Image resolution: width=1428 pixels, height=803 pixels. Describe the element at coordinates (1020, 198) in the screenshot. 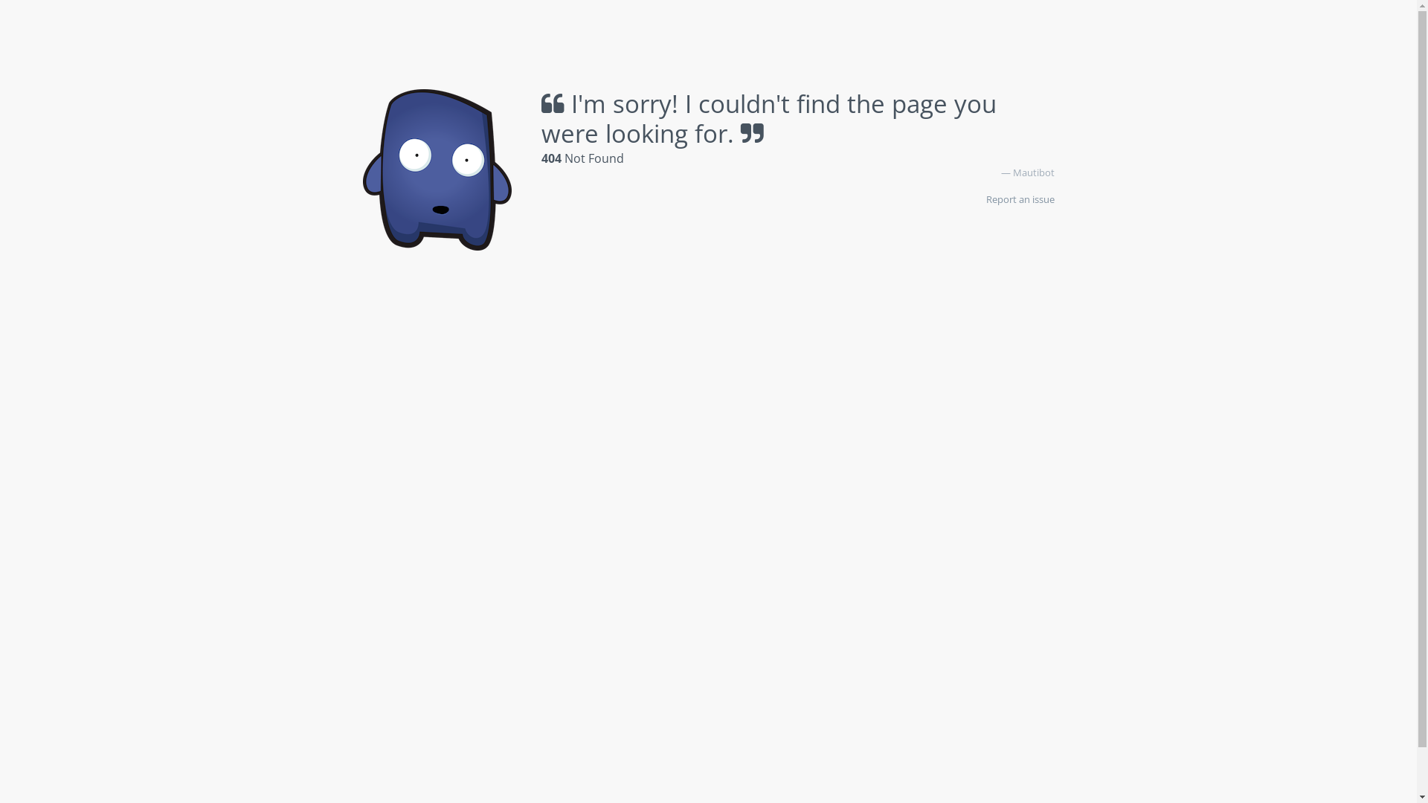

I see `'Report an issue'` at that location.